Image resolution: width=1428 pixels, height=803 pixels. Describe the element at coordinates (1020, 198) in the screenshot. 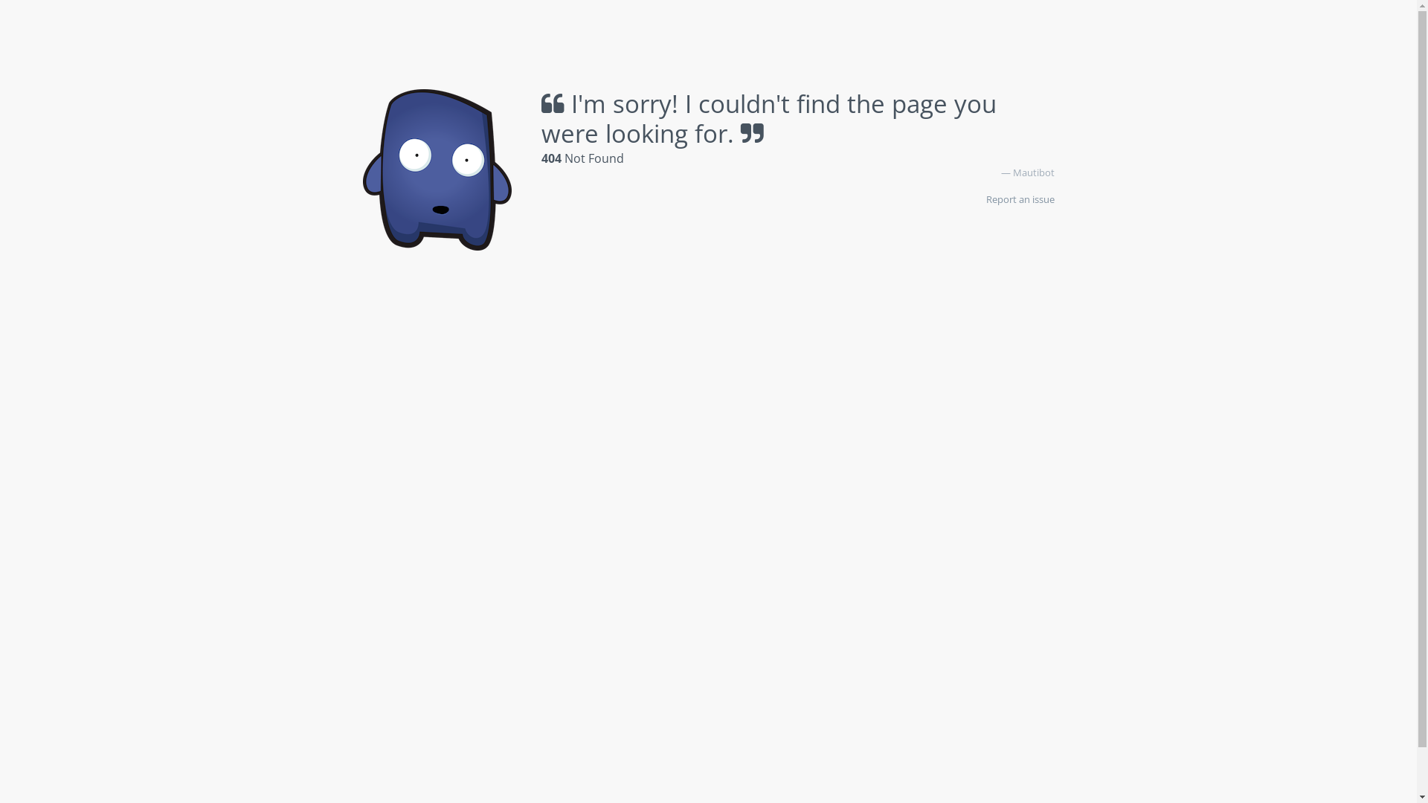

I see `'Report an issue'` at that location.